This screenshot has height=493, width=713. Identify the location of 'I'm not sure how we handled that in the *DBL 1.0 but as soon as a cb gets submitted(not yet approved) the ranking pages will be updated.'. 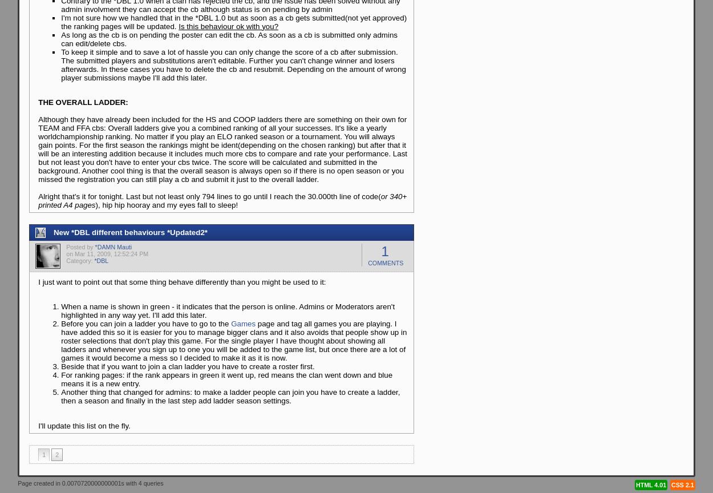
(234, 22).